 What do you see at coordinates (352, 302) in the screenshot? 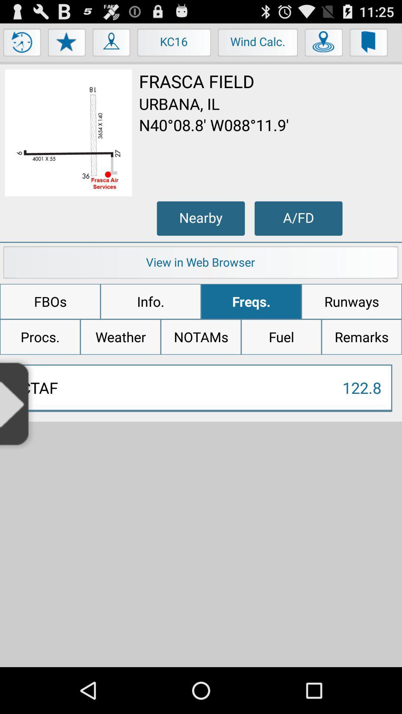
I see `the app to the right of freqs.` at bounding box center [352, 302].